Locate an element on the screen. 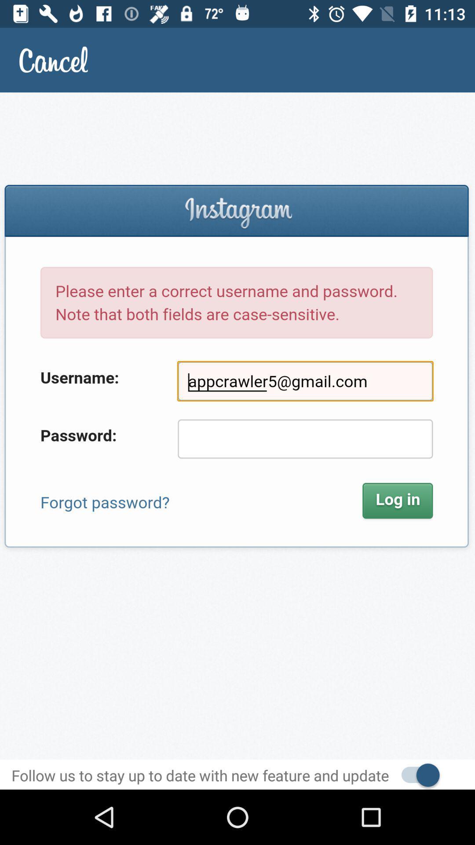  sign in screen is located at coordinates (237, 426).